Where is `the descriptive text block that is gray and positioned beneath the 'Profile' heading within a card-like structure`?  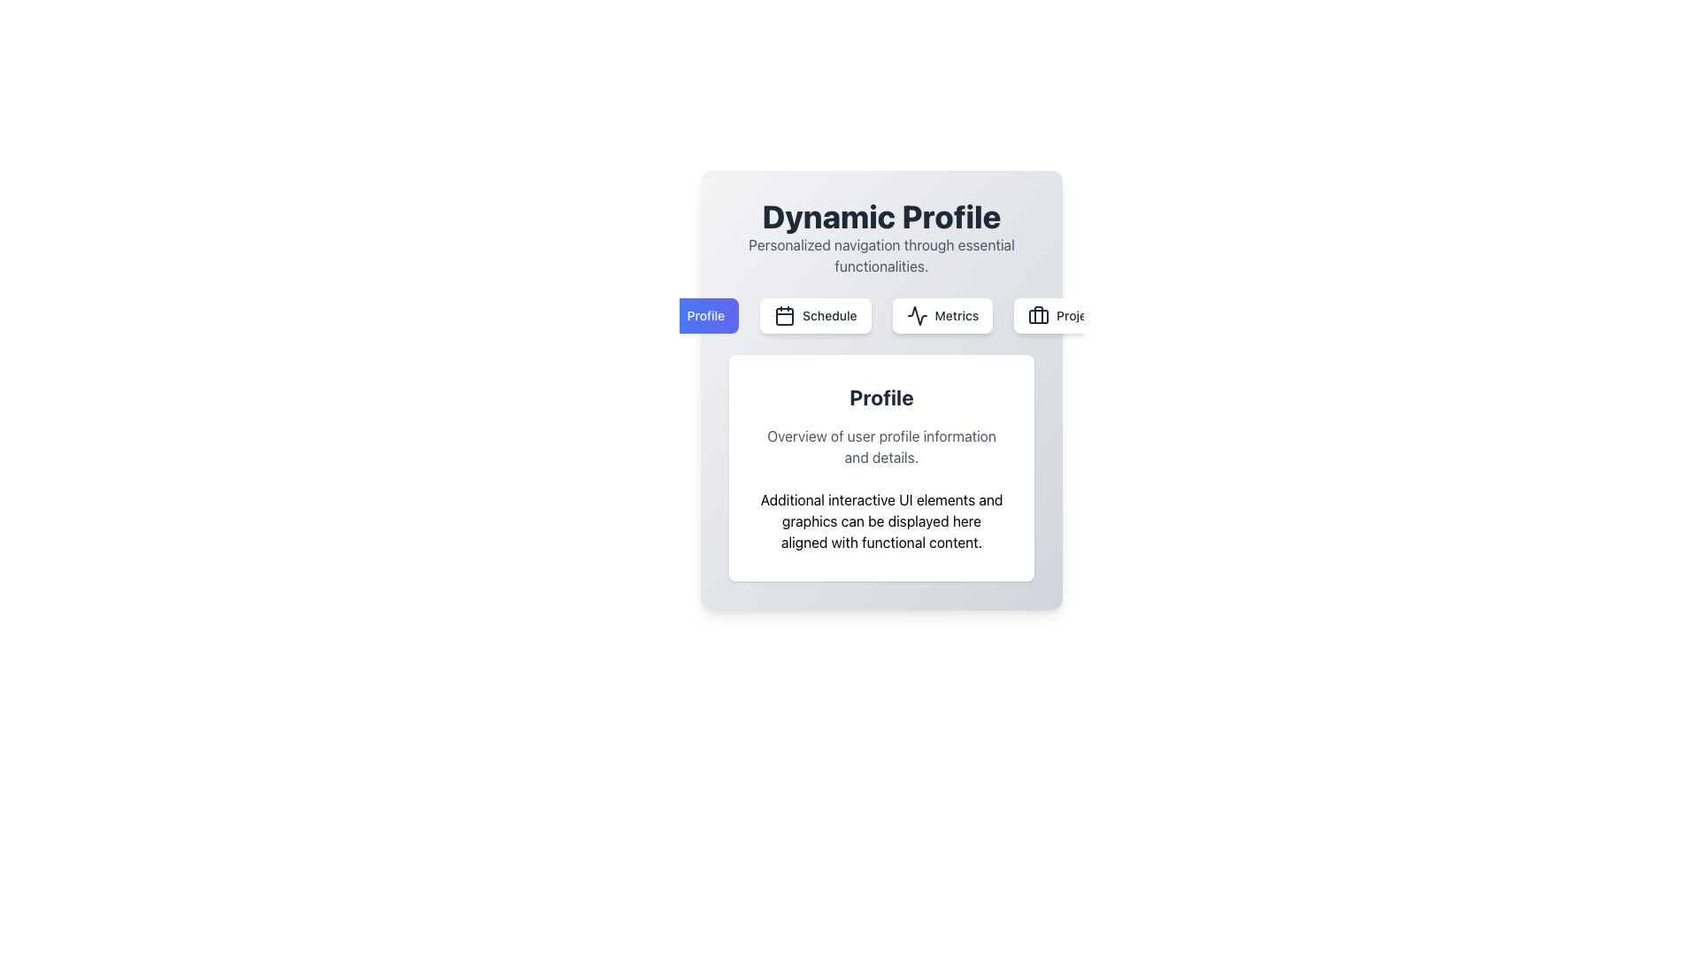
the descriptive text block that is gray and positioned beneath the 'Profile' heading within a card-like structure is located at coordinates (881, 446).